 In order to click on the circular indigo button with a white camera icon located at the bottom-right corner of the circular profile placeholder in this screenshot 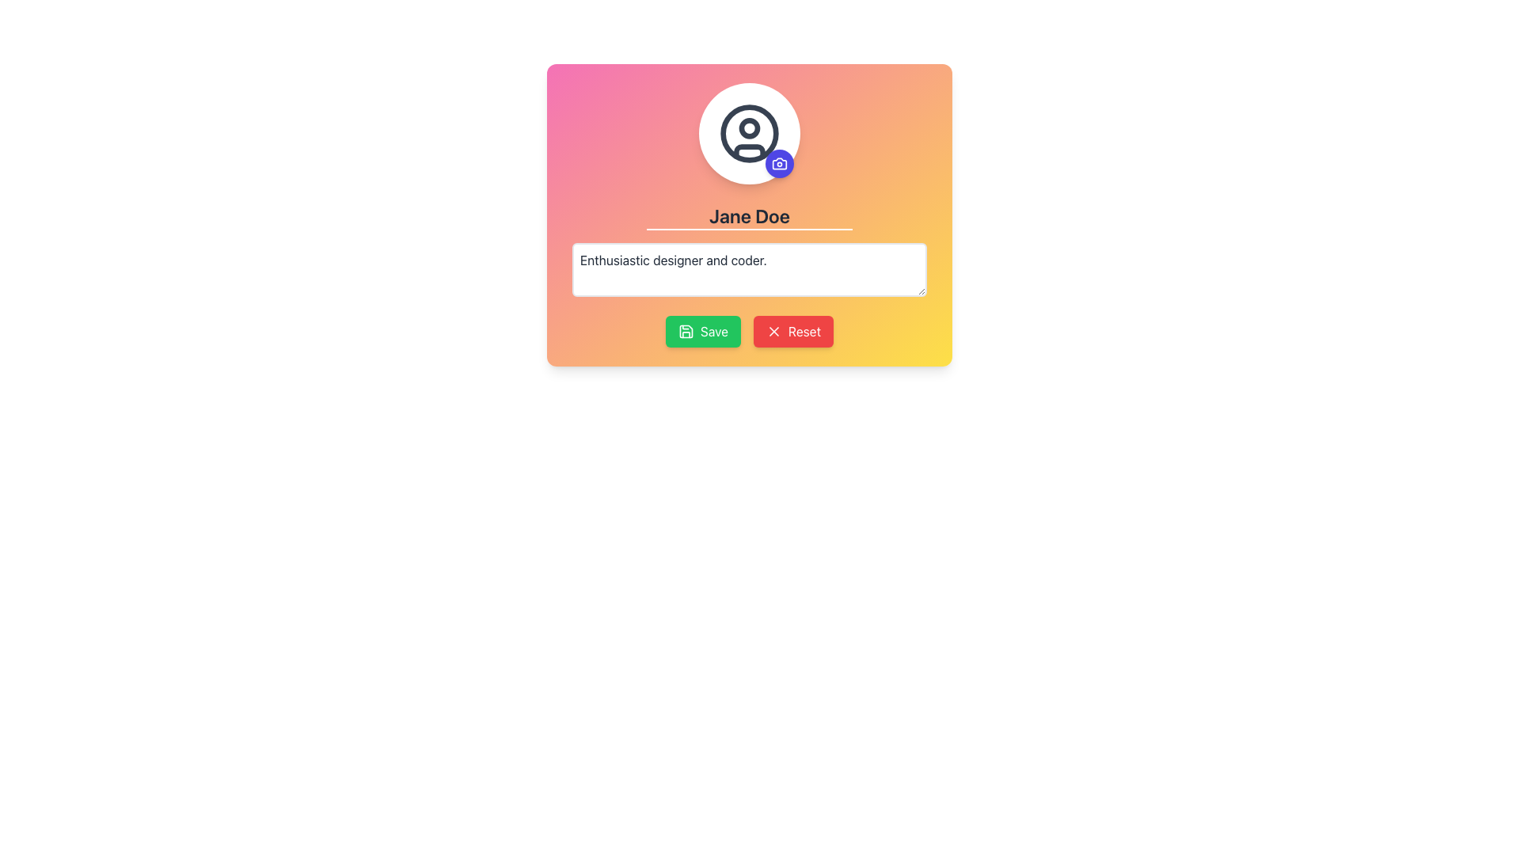, I will do `click(779, 164)`.